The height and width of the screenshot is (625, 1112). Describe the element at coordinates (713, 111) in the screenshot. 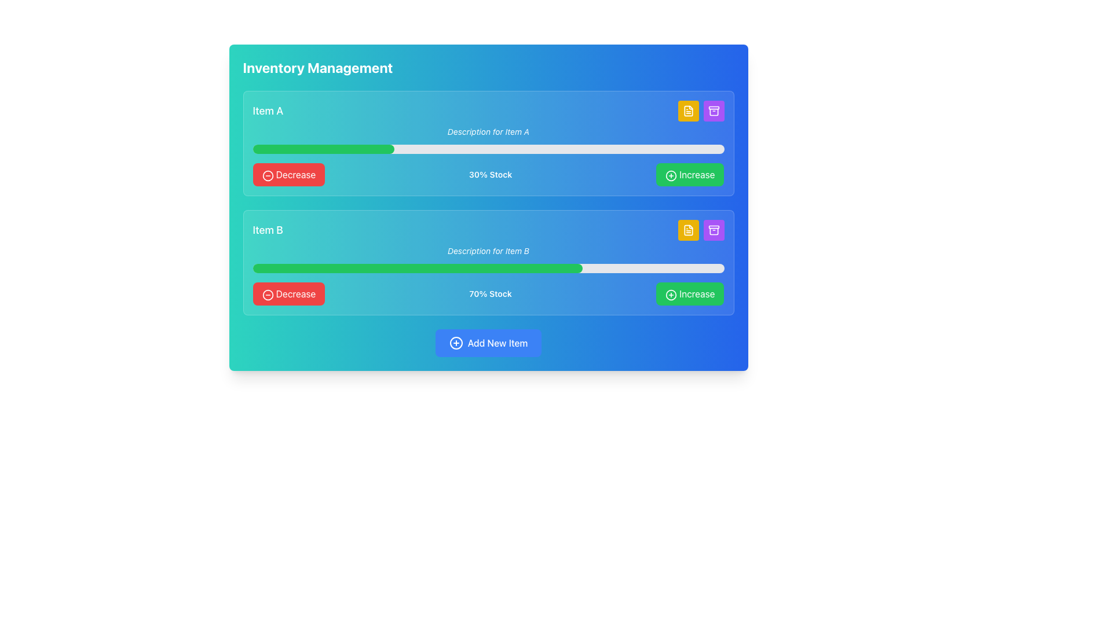

I see `the purple rounded square button with an archive box icon located in the top-right corner of the 'Item A' section` at that location.